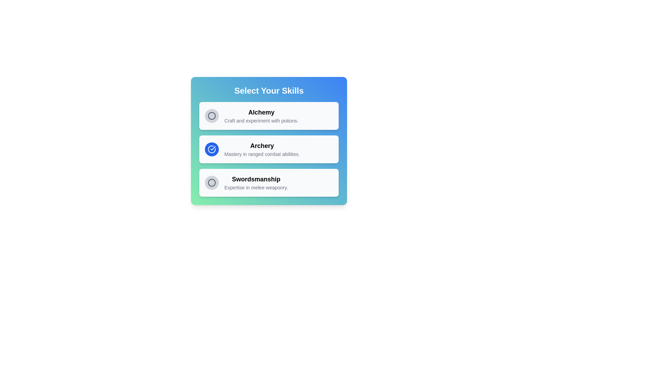 This screenshot has width=669, height=376. What do you see at coordinates (212, 115) in the screenshot?
I see `the skill Alchemy` at bounding box center [212, 115].